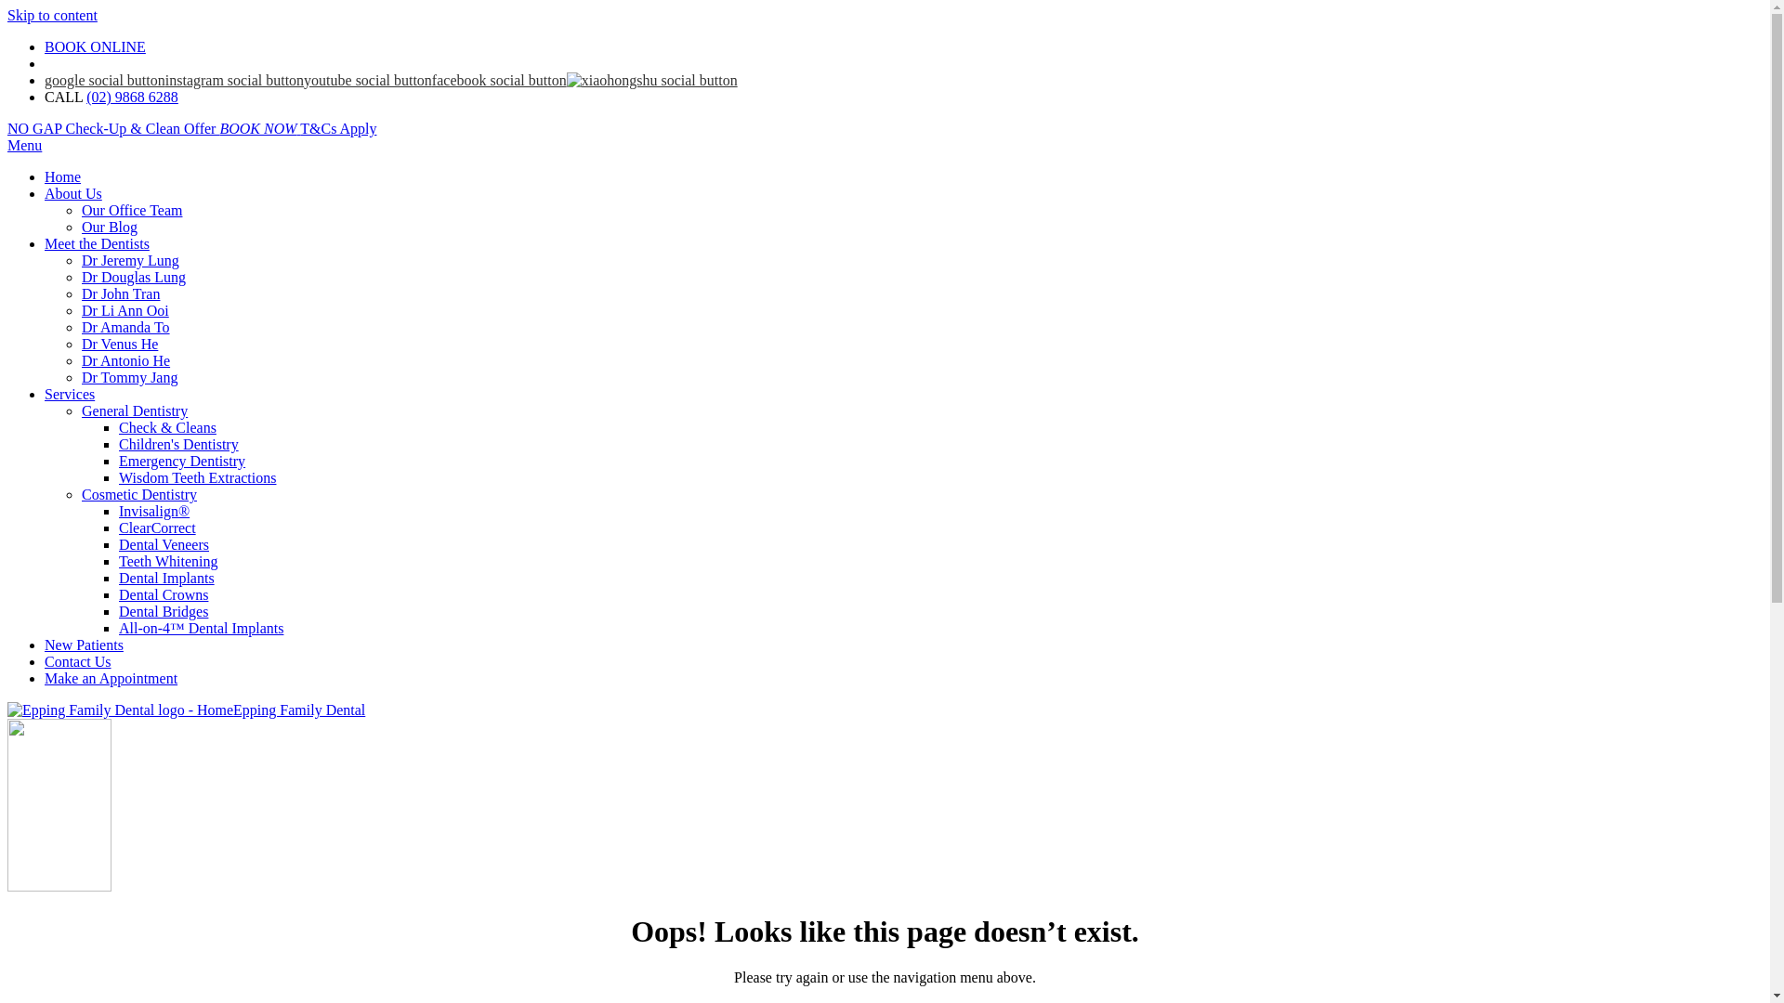  What do you see at coordinates (197, 476) in the screenshot?
I see `'Wisdom Teeth Extractions'` at bounding box center [197, 476].